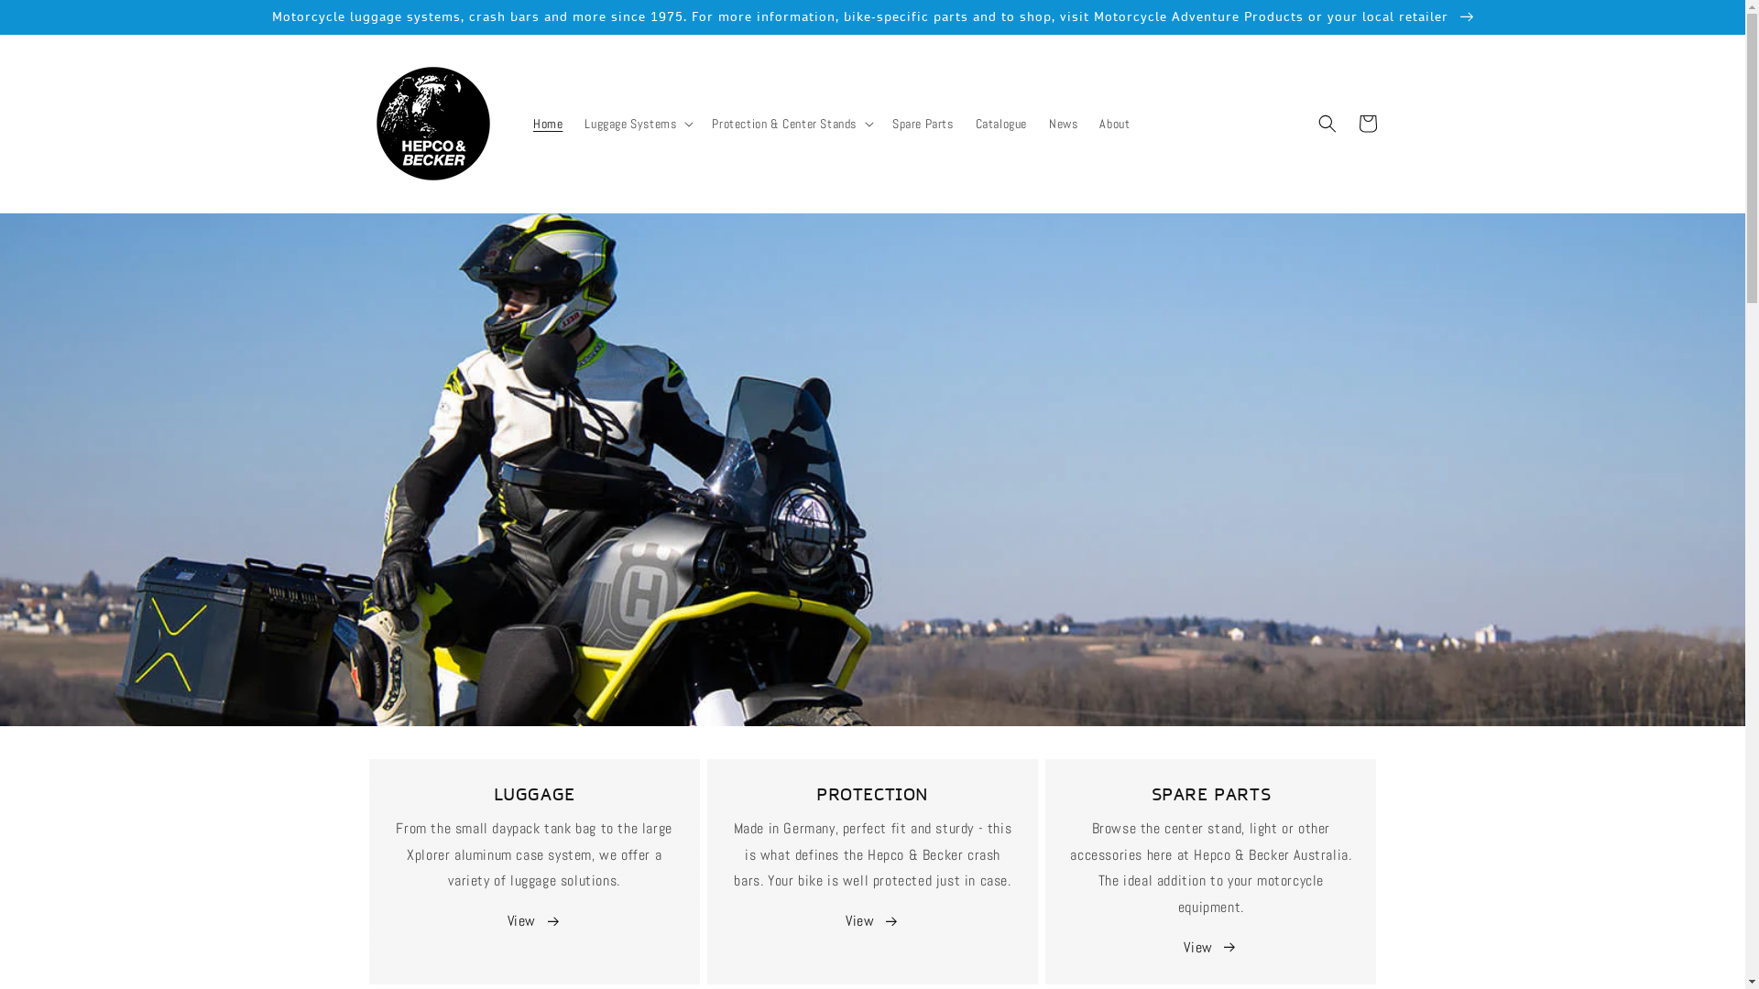  What do you see at coordinates (923, 124) in the screenshot?
I see `'Spare Parts'` at bounding box center [923, 124].